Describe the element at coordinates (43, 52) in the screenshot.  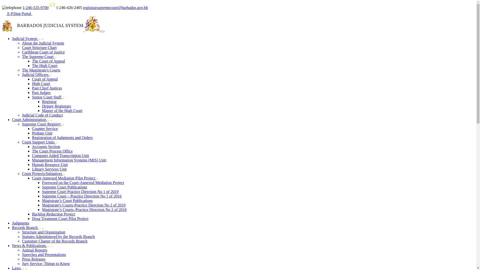
I see `'Caribbean Court of Justice'` at that location.